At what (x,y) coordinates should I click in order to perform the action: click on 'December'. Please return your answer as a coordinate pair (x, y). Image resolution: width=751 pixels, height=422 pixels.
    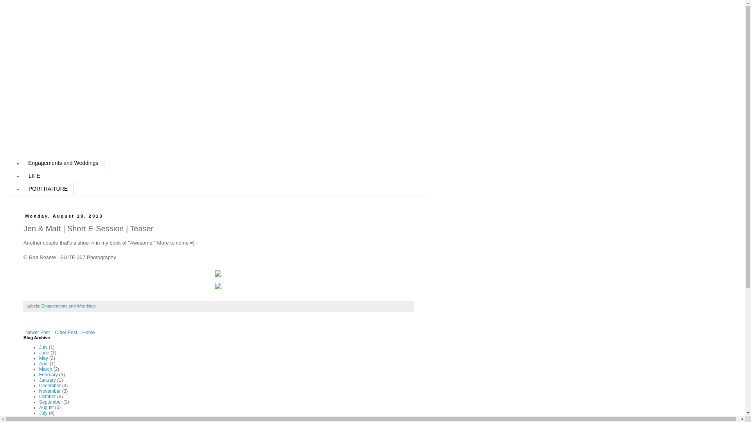
    Looking at the image, I should click on (49, 385).